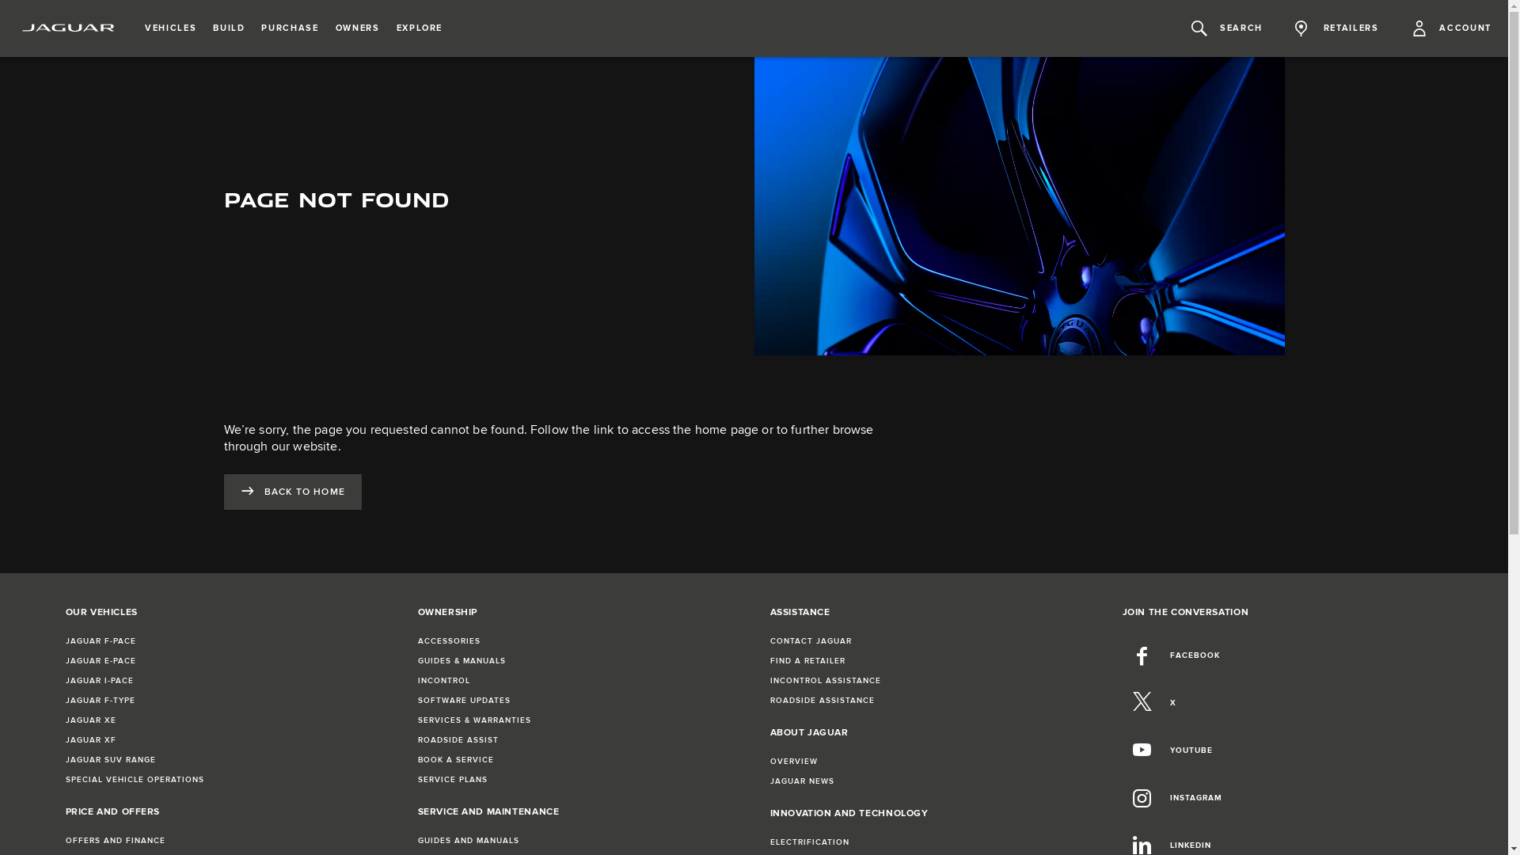 The width and height of the screenshot is (1520, 855). Describe the element at coordinates (113, 839) in the screenshot. I see `'OFFERS AND FINANCE'` at that location.